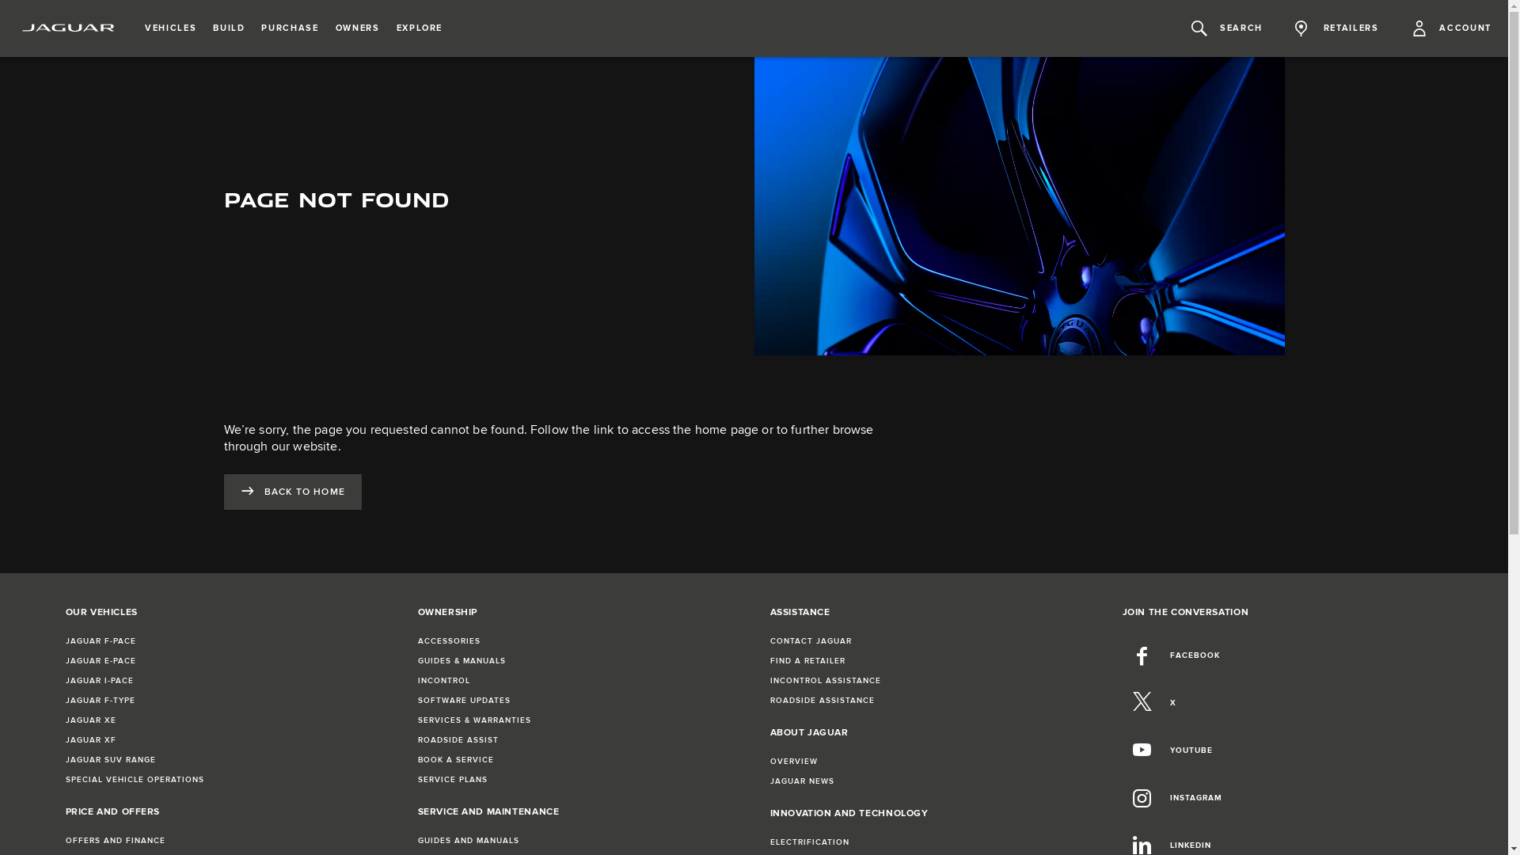 The width and height of the screenshot is (1520, 855). Describe the element at coordinates (113, 839) in the screenshot. I see `'OFFERS AND FINANCE'` at that location.